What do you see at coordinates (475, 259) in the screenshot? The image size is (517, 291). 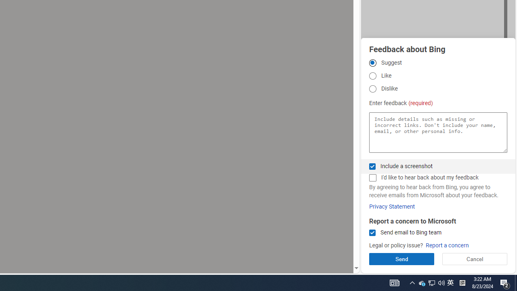 I see `'Cancel'` at bounding box center [475, 259].